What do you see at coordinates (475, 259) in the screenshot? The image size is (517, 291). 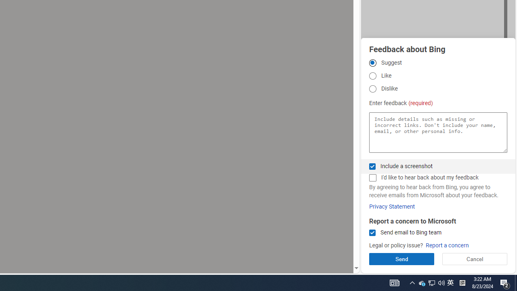 I see `'Cancel'` at bounding box center [475, 259].